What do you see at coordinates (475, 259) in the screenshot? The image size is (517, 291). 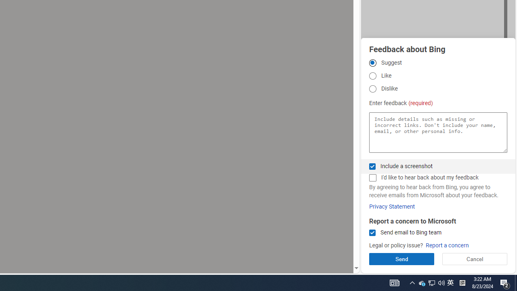 I see `'Cancel'` at bounding box center [475, 259].